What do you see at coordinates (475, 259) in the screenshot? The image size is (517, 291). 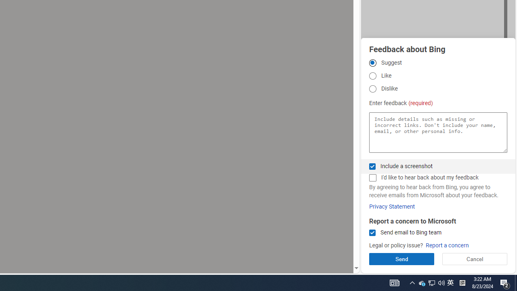 I see `'Cancel'` at bounding box center [475, 259].